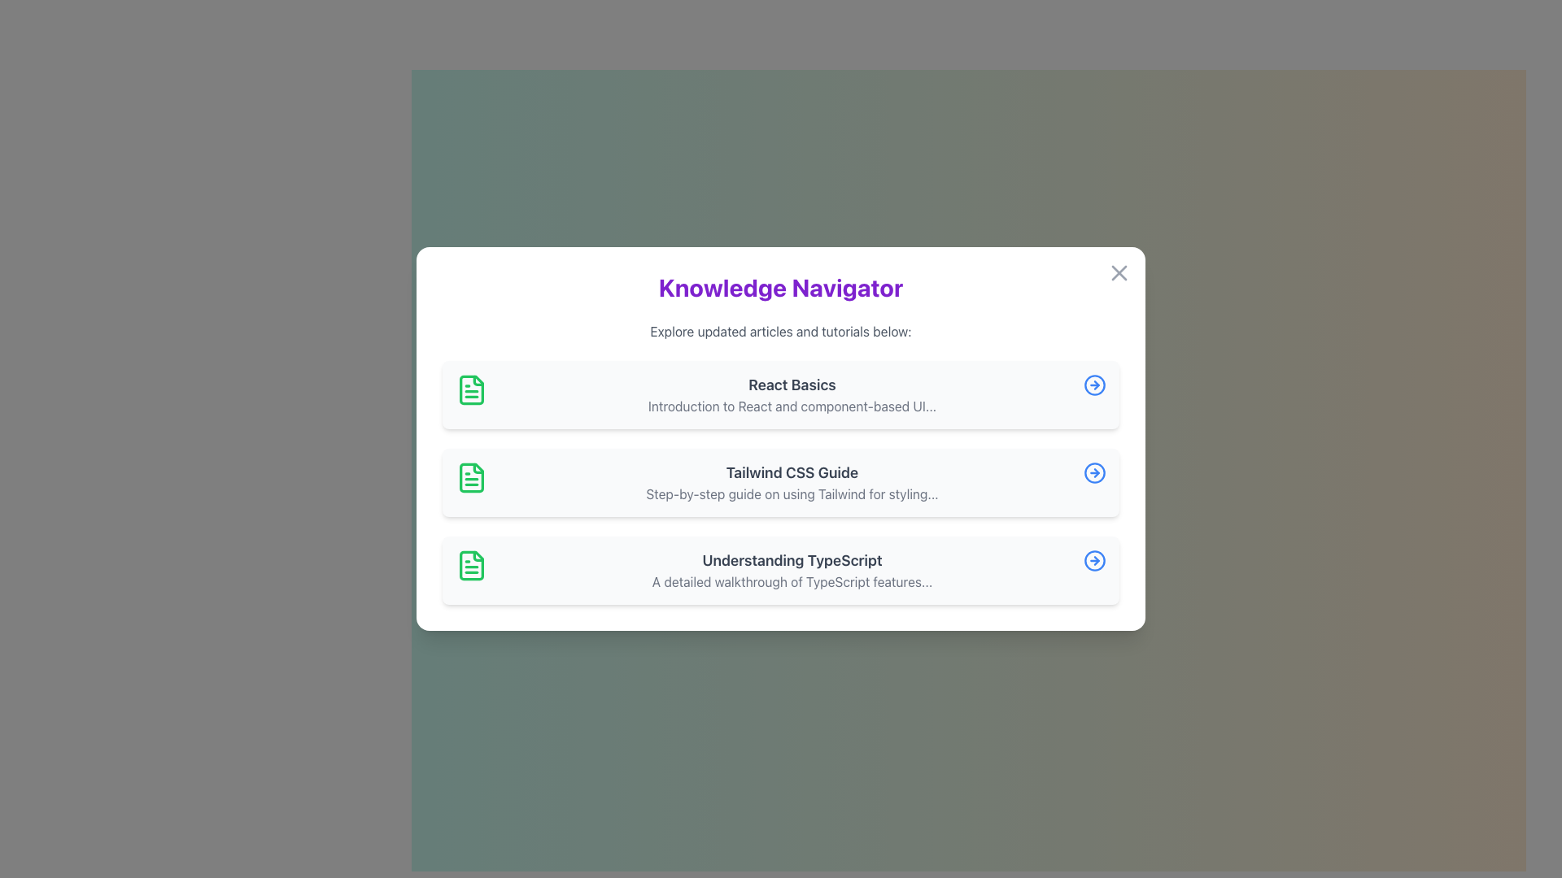  I want to click on the central circle of the rightward-pointing arrow icon, which has a blue stroke and is part of an SVG illustration, located next to the 'Tailwind CSS Guide' list item, so click(1094, 473).